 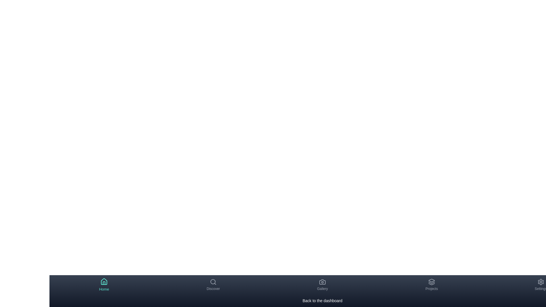 I want to click on the navigation item labeled Projects to view its description, so click(x=431, y=285).